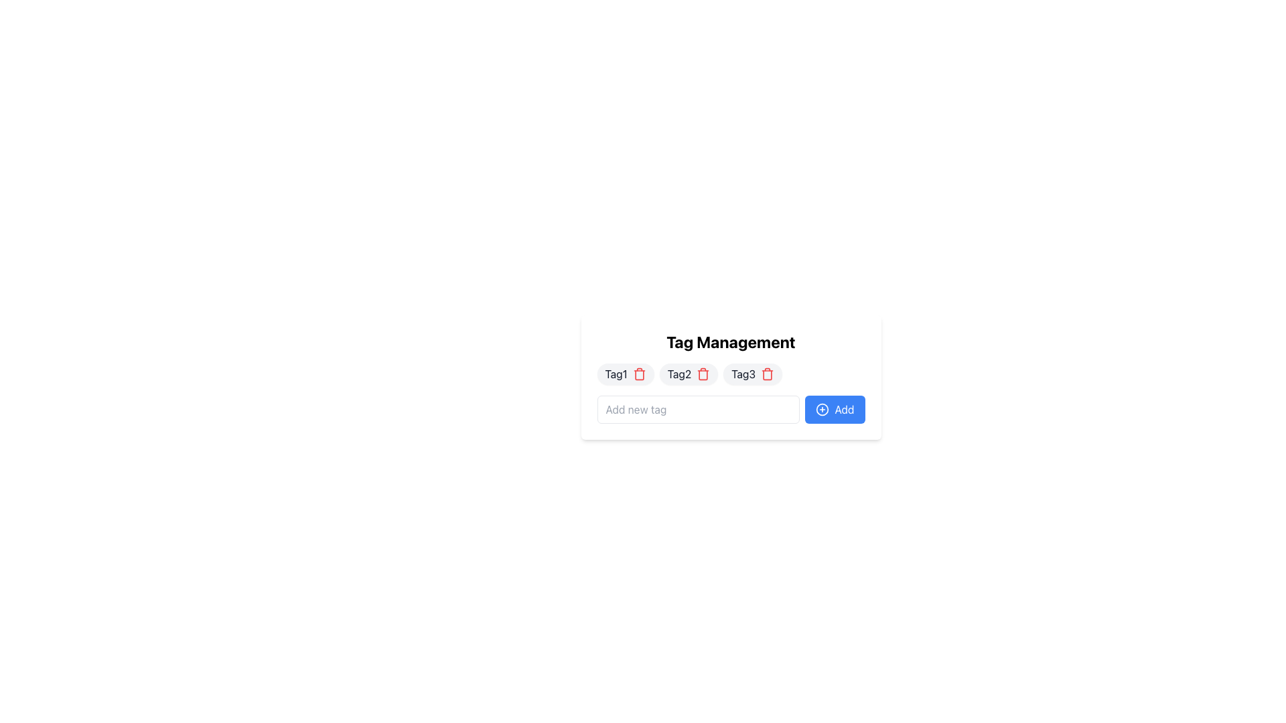 The height and width of the screenshot is (723, 1286). What do you see at coordinates (689, 374) in the screenshot?
I see `the trash icon of the second tag in the Tag Management section to delete the tag` at bounding box center [689, 374].